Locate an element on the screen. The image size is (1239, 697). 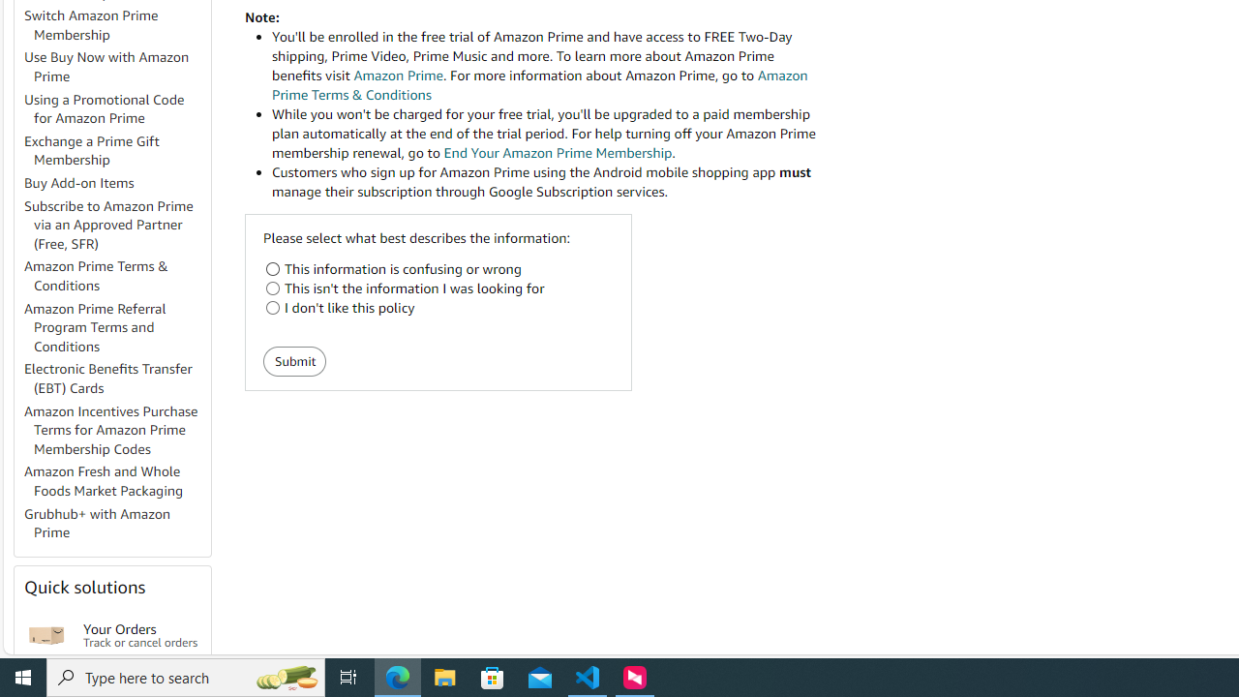
'Using a Promotional Code for Amazon Prime' is located at coordinates (104, 108).